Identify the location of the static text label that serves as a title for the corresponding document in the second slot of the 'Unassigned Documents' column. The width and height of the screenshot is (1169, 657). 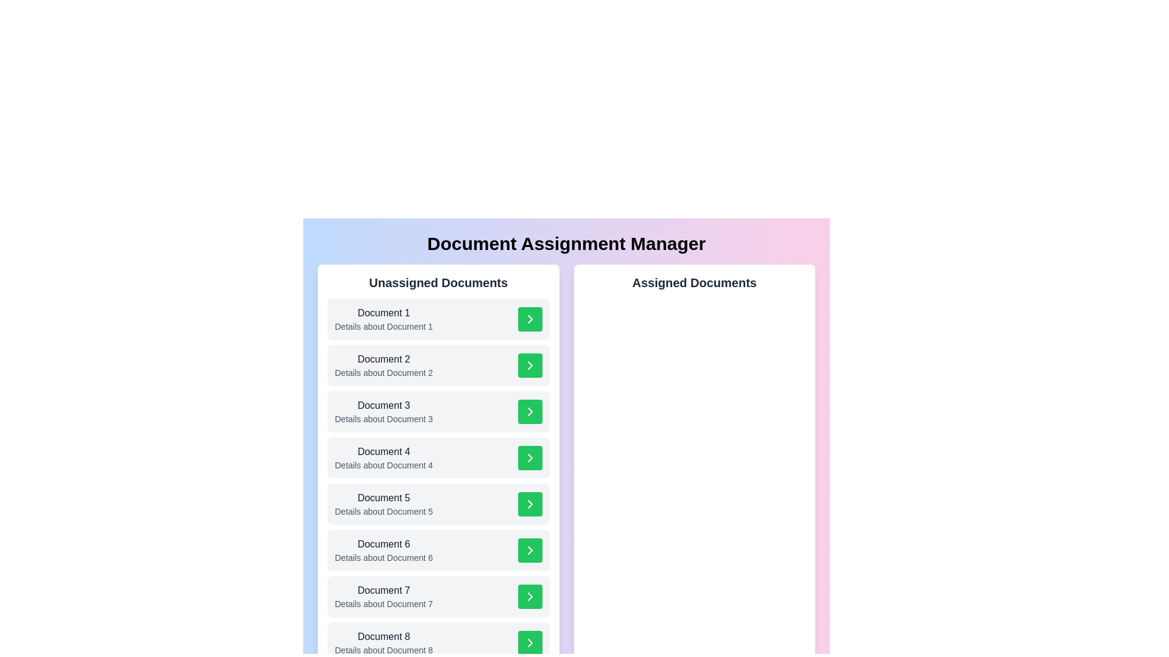
(383, 358).